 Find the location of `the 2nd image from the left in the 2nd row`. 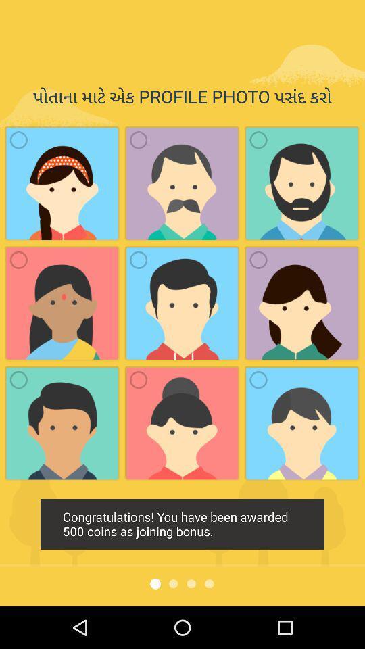

the 2nd image from the left in the 2nd row is located at coordinates (137, 259).